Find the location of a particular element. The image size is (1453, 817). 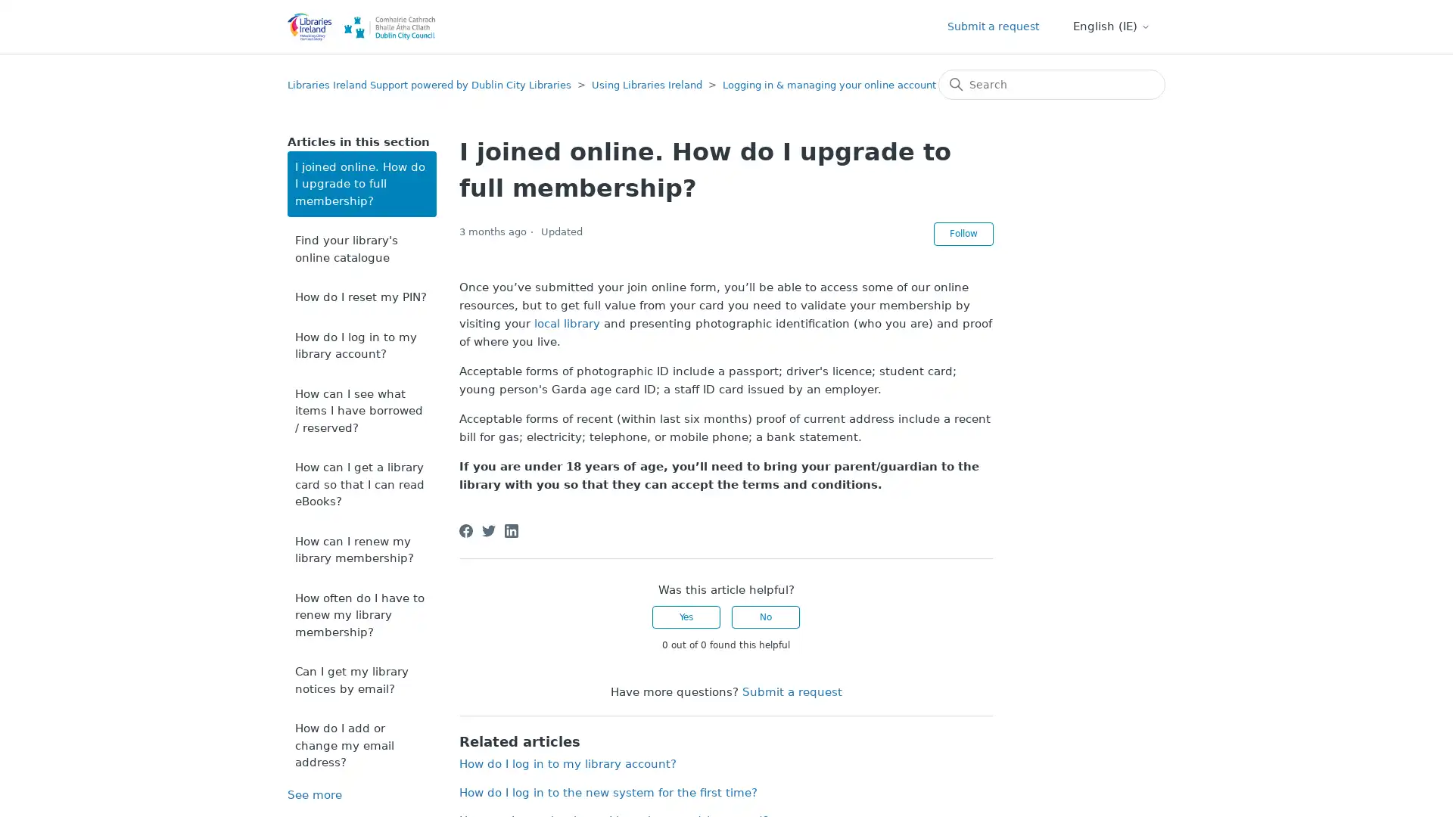

This article was not helpful is located at coordinates (766, 617).